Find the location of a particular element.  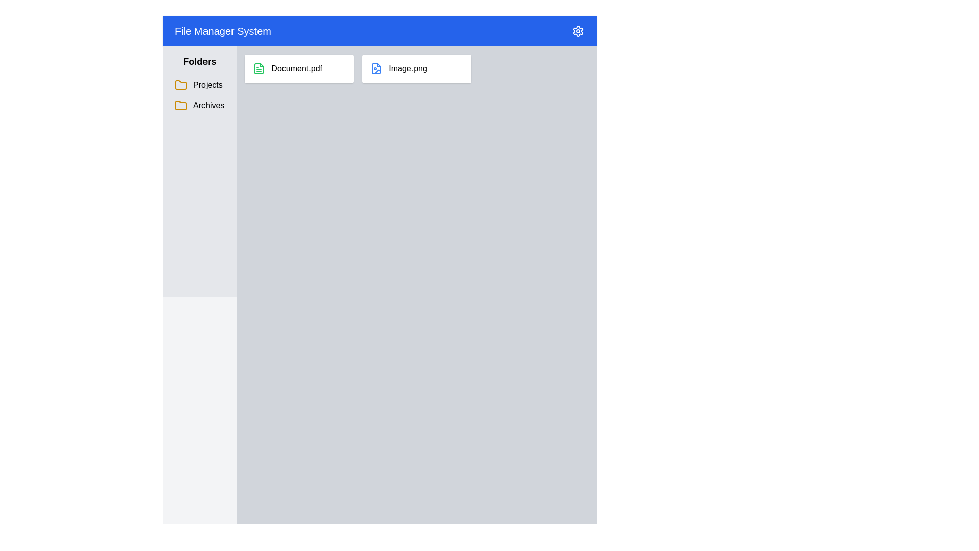

the folder icon that represents the 'Archives' directory is located at coordinates (181, 106).